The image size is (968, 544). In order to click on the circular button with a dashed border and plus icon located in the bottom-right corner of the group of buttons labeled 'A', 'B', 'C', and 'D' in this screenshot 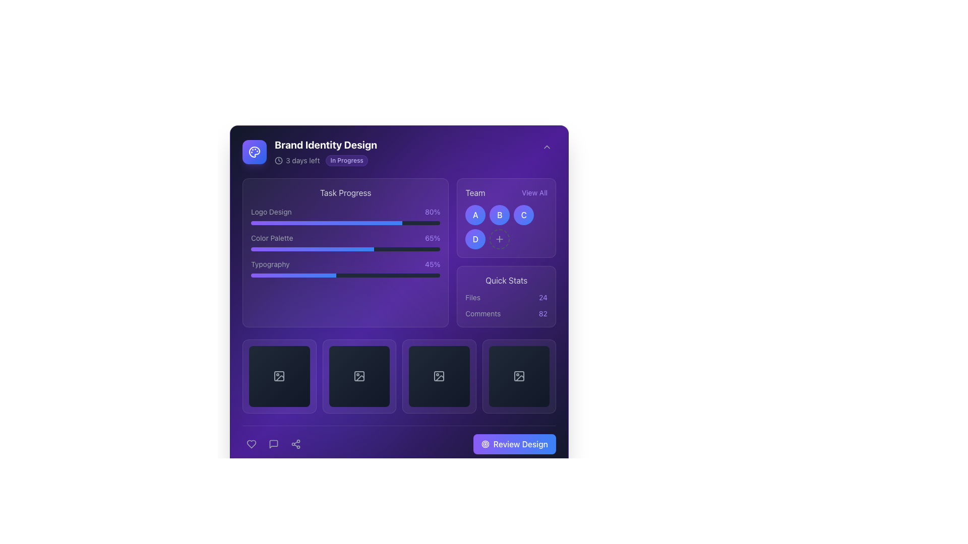, I will do `click(500, 239)`.